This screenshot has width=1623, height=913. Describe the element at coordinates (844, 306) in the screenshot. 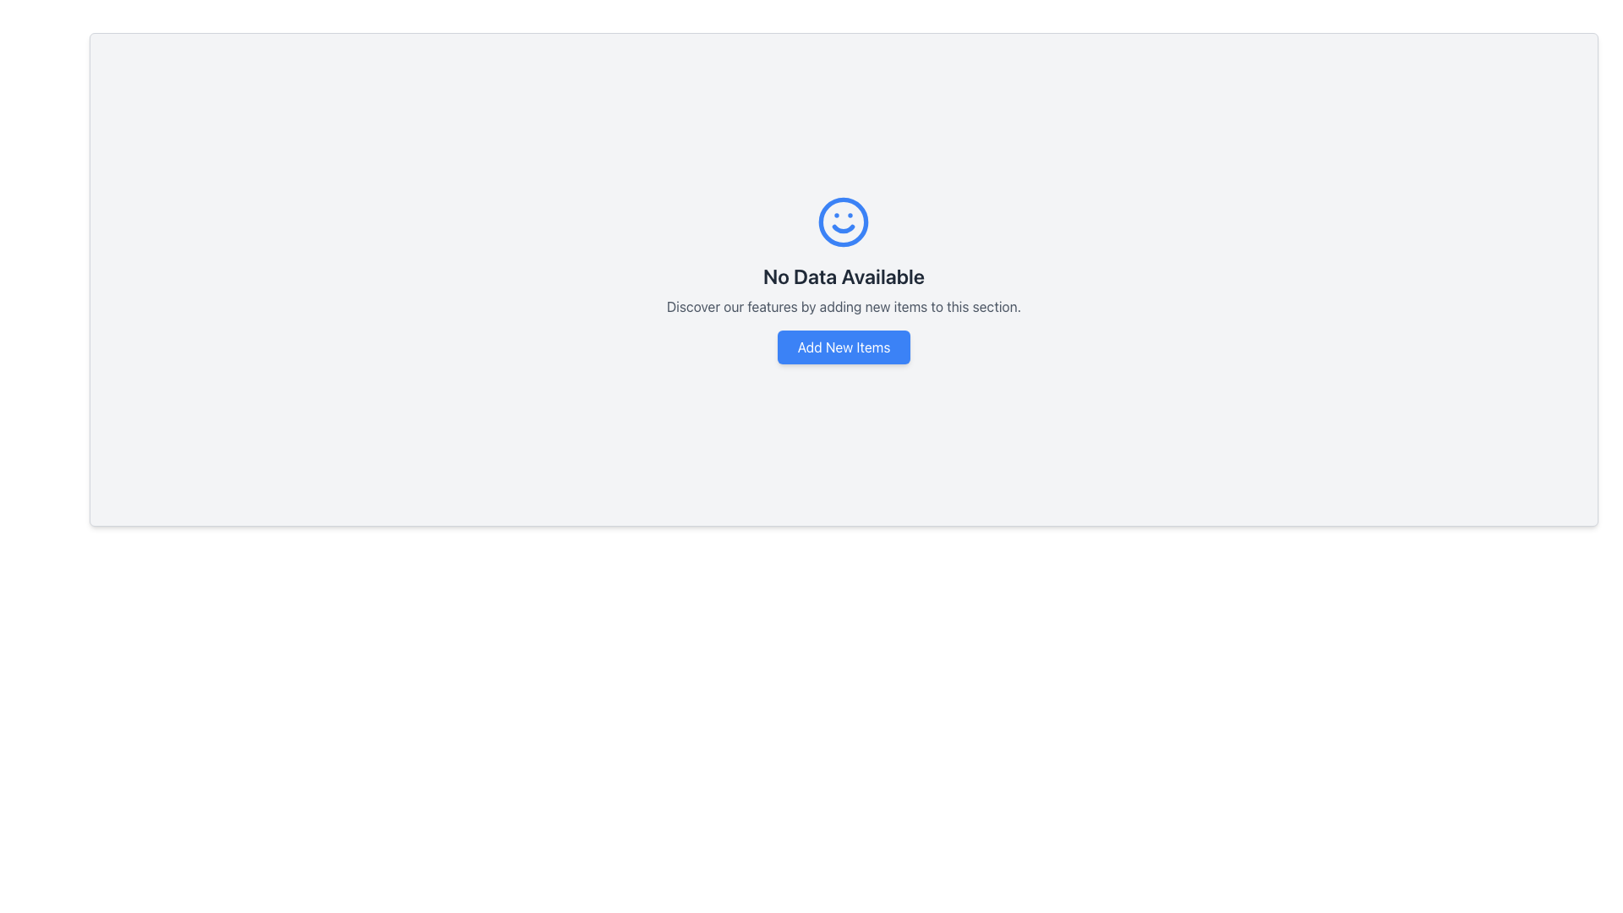

I see `instructional text located between the 'No Data Available' text and the 'Add New Items' button` at that location.